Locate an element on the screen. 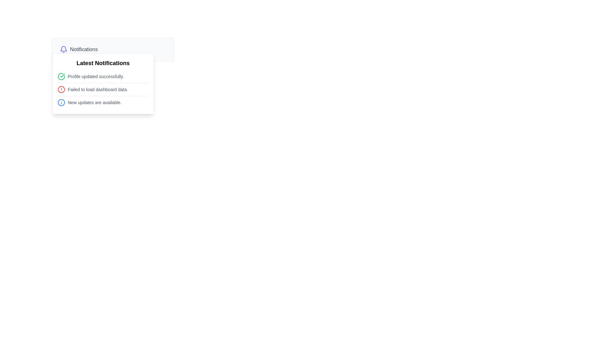 Image resolution: width=611 pixels, height=343 pixels. the 'Latest Notifications' text label displayed in bold, large font at the top of the notification panel is located at coordinates (103, 63).